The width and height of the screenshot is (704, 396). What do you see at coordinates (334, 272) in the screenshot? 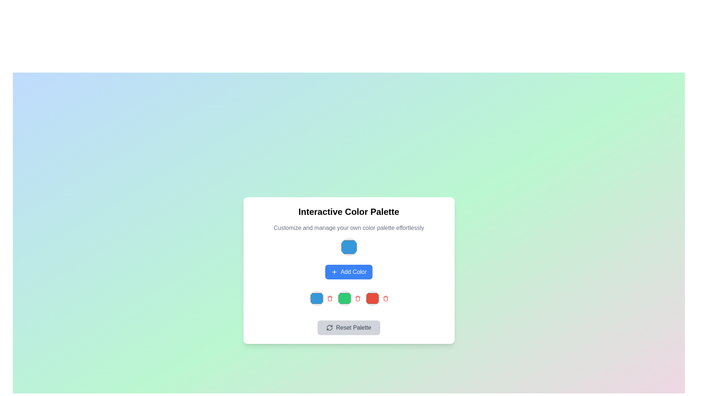
I see `the small plus icon with a blue outline and white background located within the blue button labeled 'Add Color'` at bounding box center [334, 272].